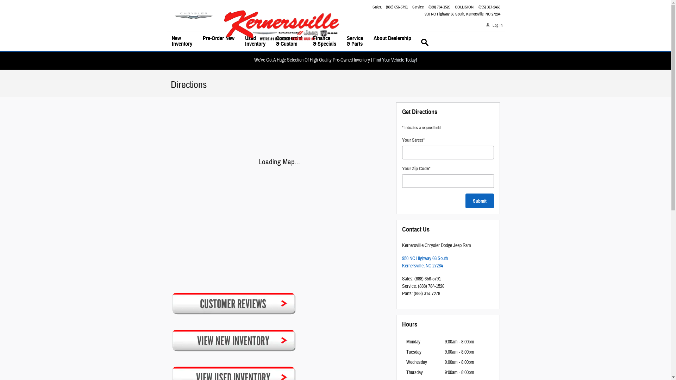  Describe the element at coordinates (494, 25) in the screenshot. I see `'Log In'` at that location.